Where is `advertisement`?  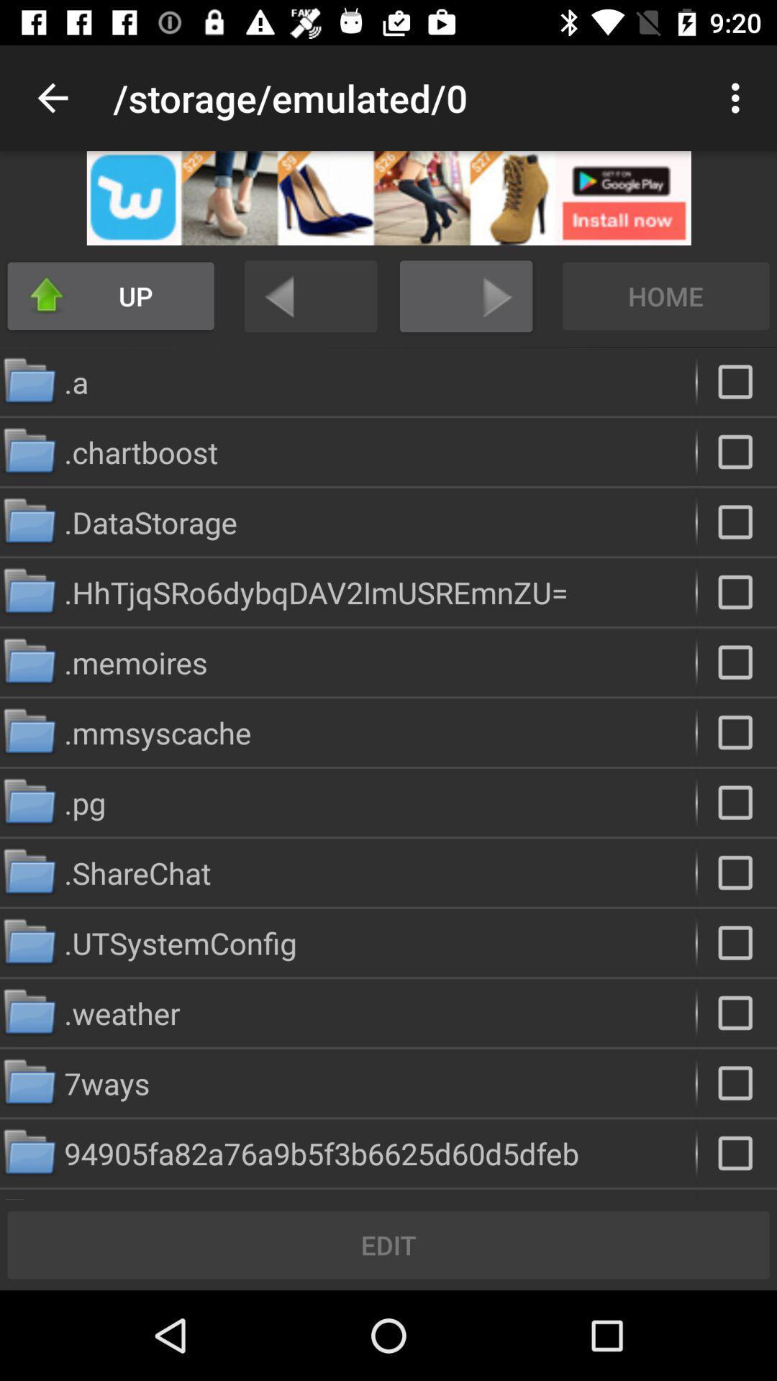
advertisement is located at coordinates (388, 197).